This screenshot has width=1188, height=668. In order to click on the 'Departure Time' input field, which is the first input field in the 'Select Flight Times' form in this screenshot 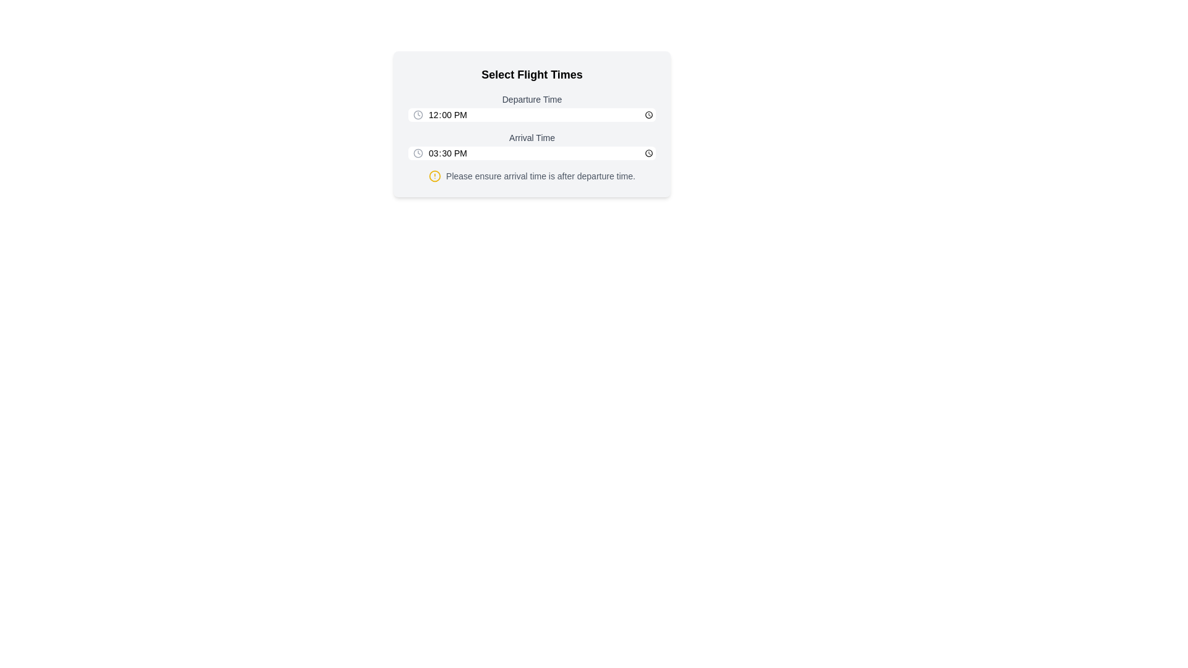, I will do `click(532, 106)`.